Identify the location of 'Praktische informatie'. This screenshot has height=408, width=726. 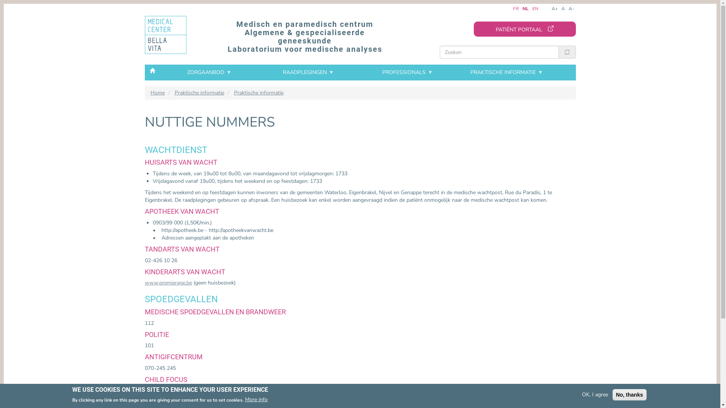
(258, 92).